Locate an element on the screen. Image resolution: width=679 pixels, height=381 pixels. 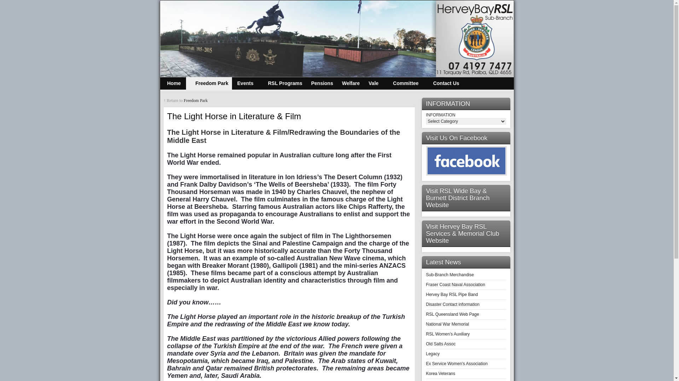
'National War Memorial' is located at coordinates (447, 324).